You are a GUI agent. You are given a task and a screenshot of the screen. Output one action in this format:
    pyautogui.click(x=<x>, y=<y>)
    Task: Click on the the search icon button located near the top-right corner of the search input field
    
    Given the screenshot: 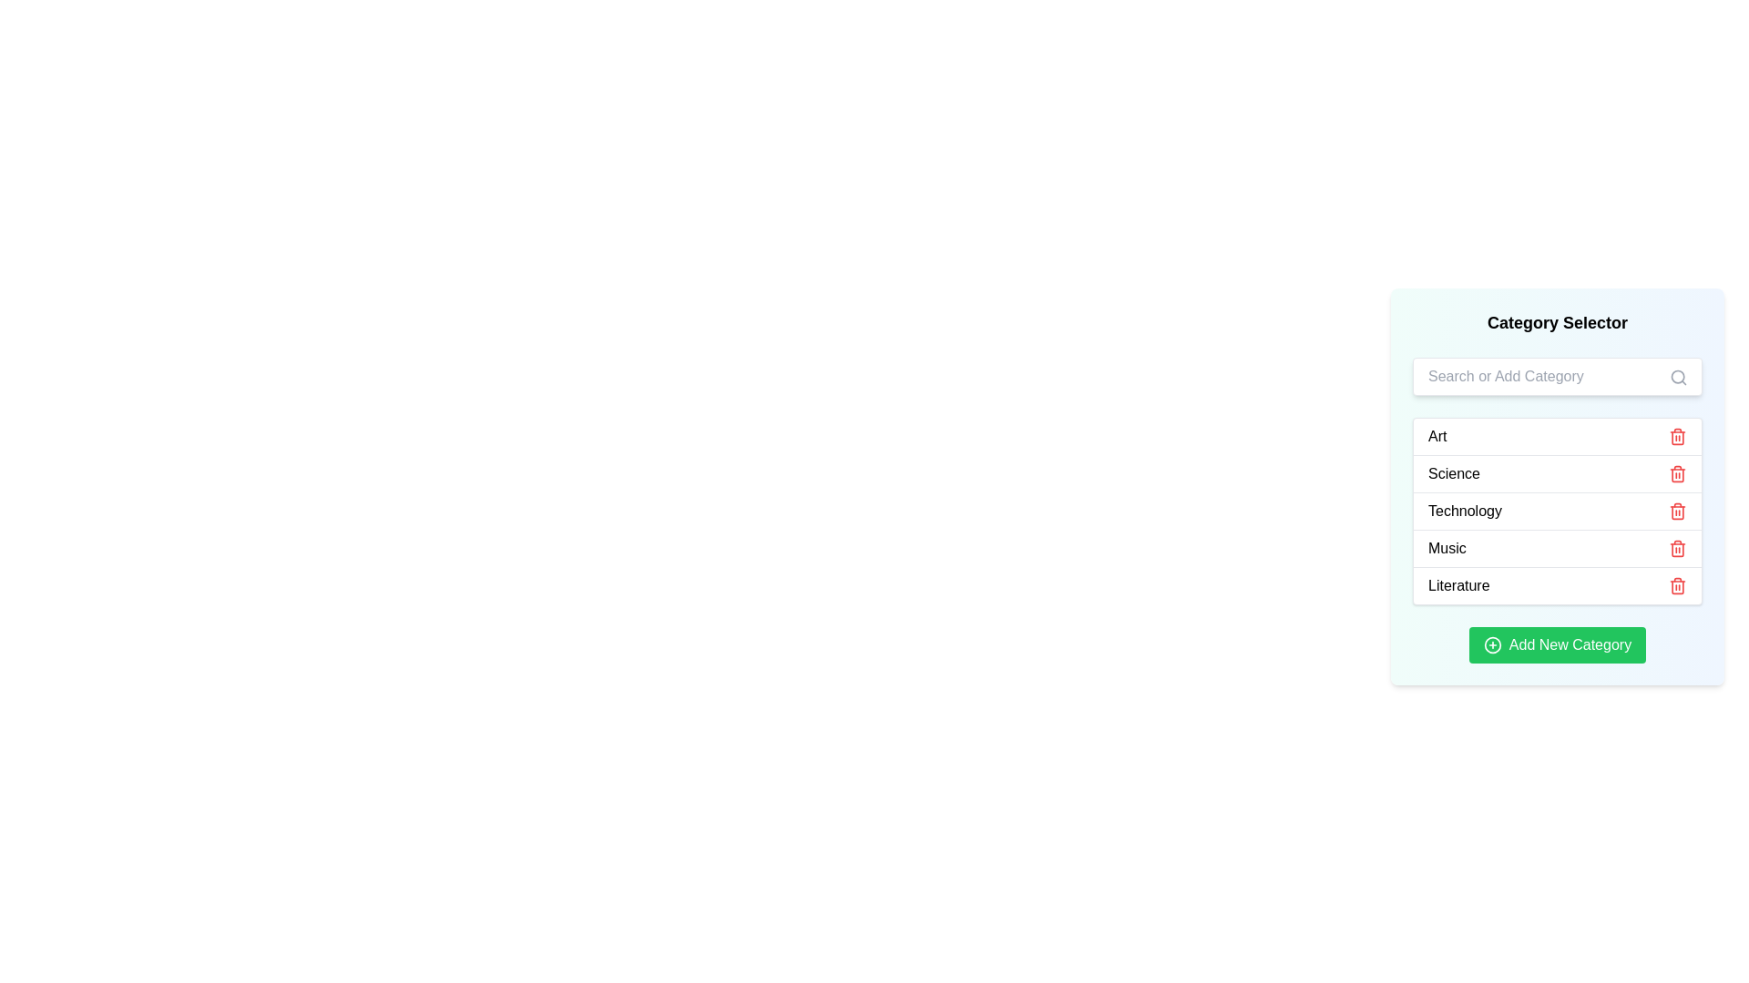 What is the action you would take?
    pyautogui.click(x=1678, y=377)
    